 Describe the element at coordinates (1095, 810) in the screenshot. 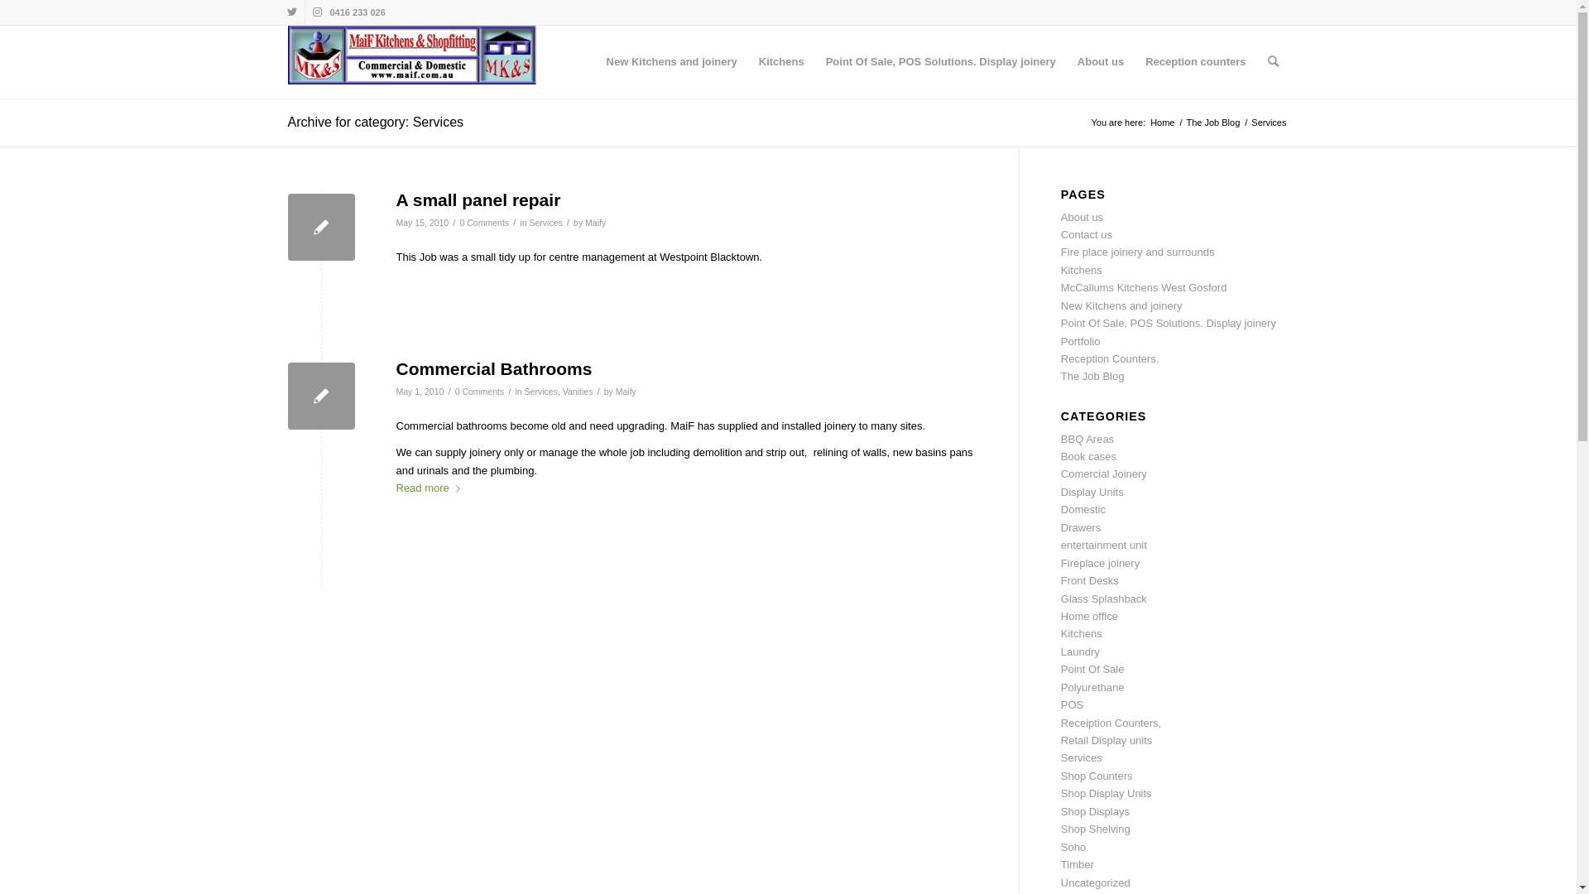

I see `'Shop Displays'` at that location.